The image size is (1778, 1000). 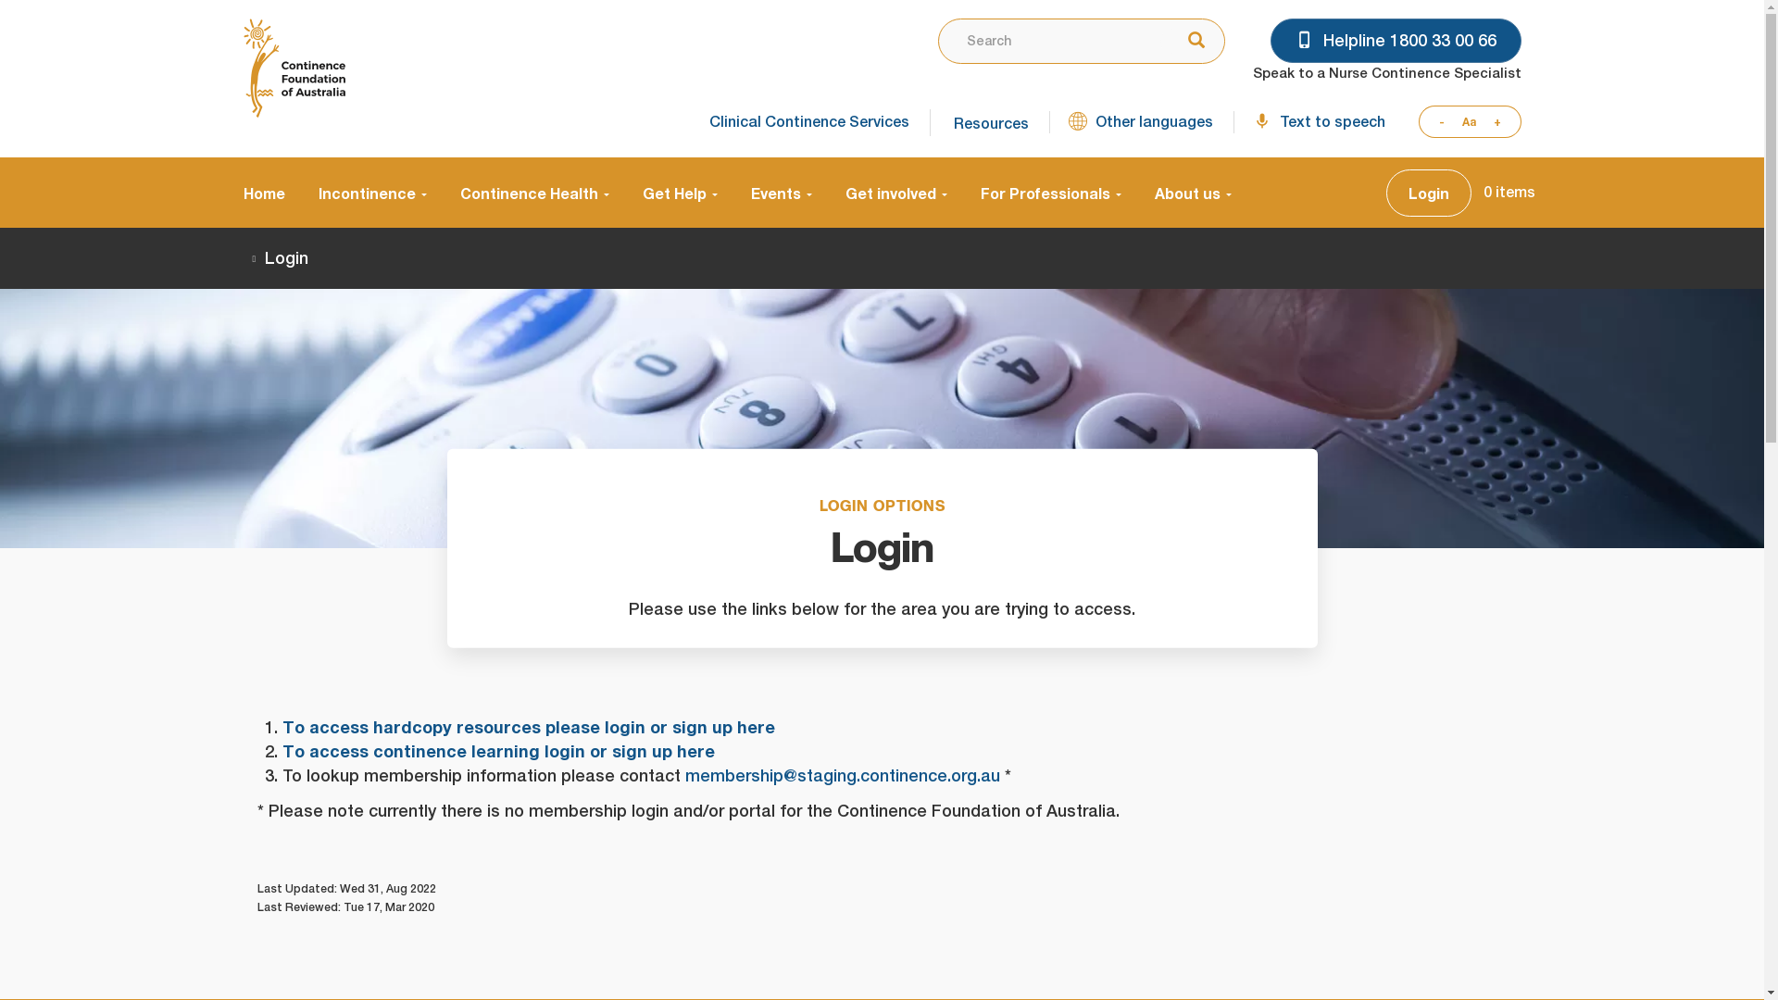 I want to click on 'Resources', so click(x=986, y=122).